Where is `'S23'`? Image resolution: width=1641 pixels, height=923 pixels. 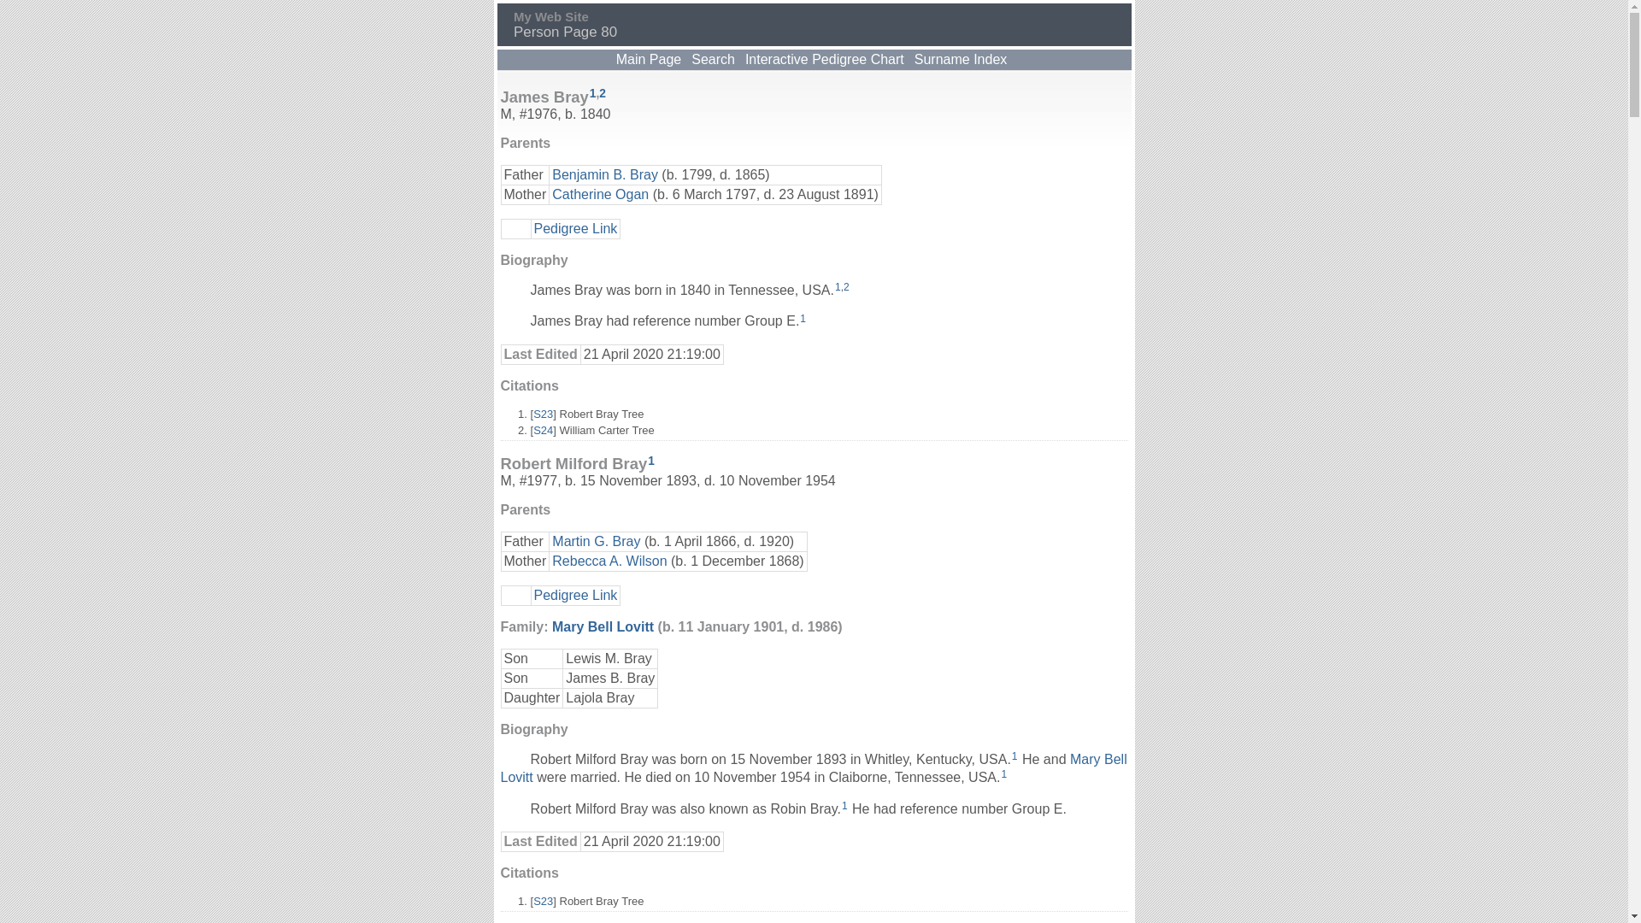
'S23' is located at coordinates (542, 414).